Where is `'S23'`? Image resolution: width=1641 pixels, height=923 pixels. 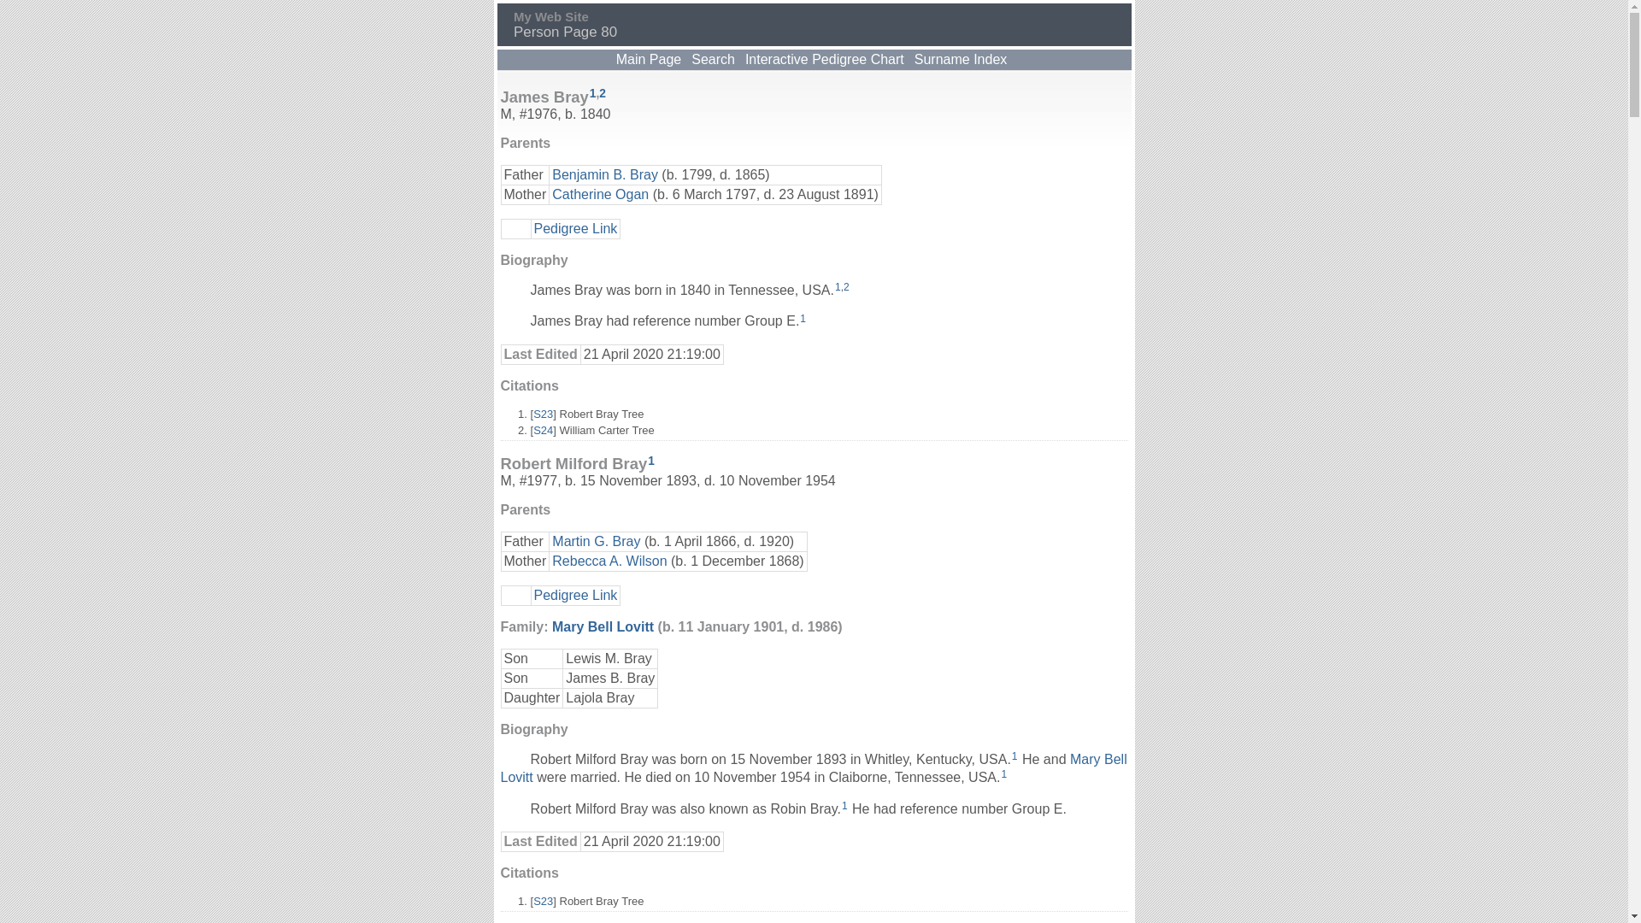
'S23' is located at coordinates (542, 414).